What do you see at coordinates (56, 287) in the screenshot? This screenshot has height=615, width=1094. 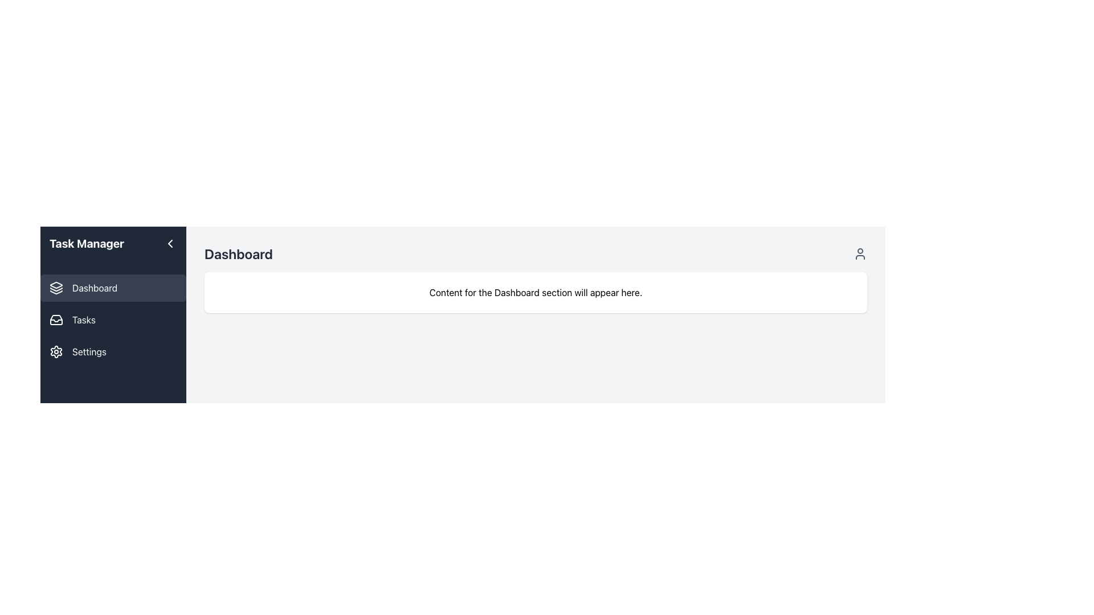 I see `the 'Dashboard' icon in the left sidebar navigation menu, which is the first icon in the vertical arrangement of menu items` at bounding box center [56, 287].